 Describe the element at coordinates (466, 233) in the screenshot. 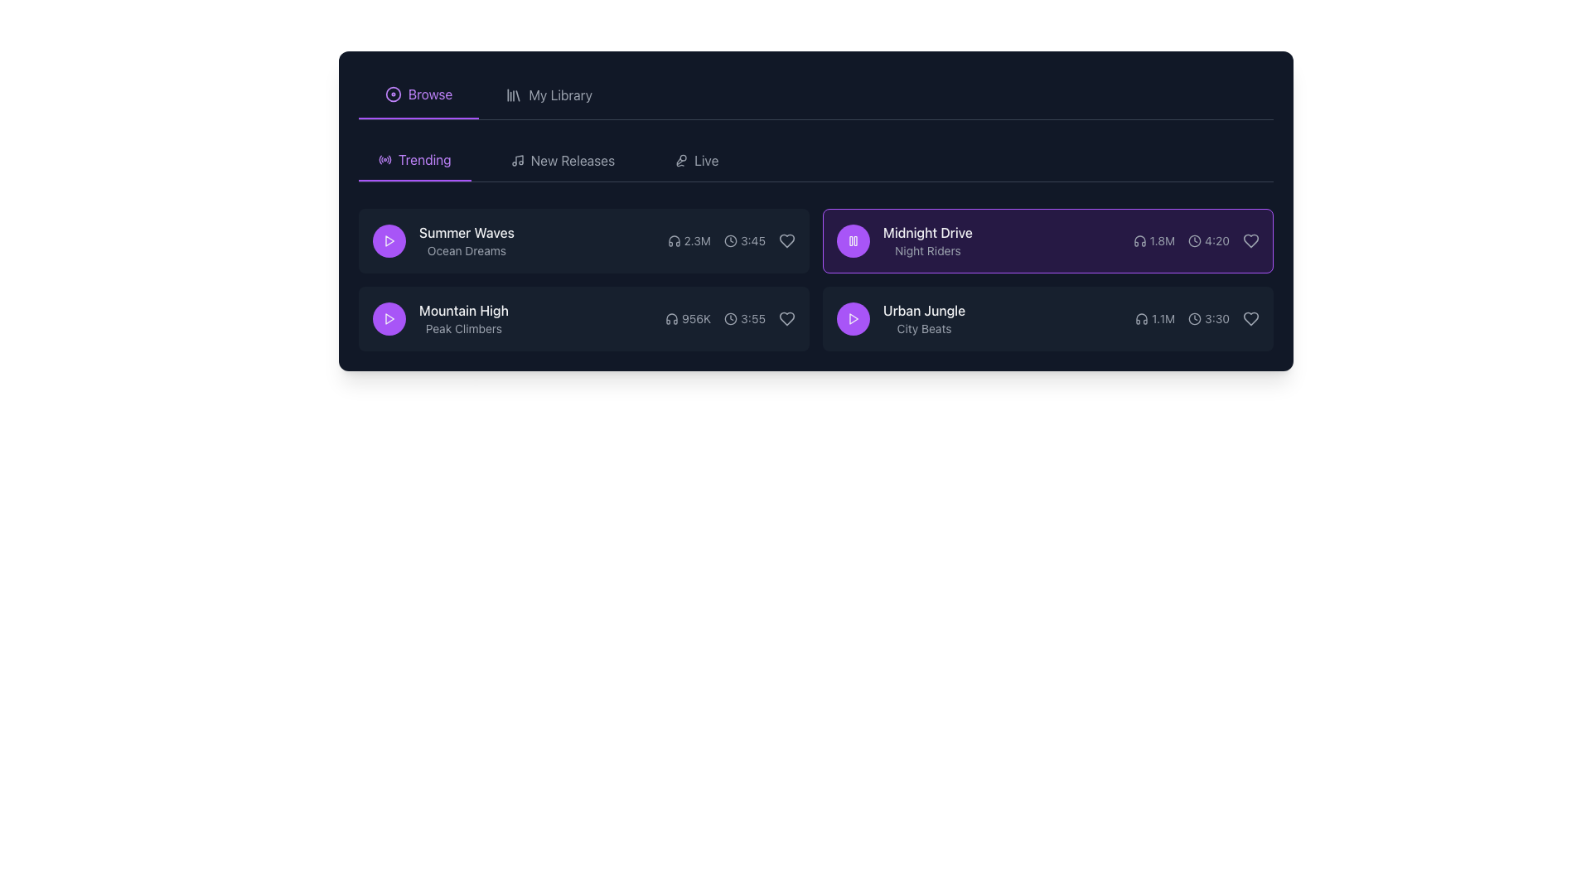

I see `the main text label for the associated content item located at the center-left section of the interface, which is the top text item in a group of two` at that location.